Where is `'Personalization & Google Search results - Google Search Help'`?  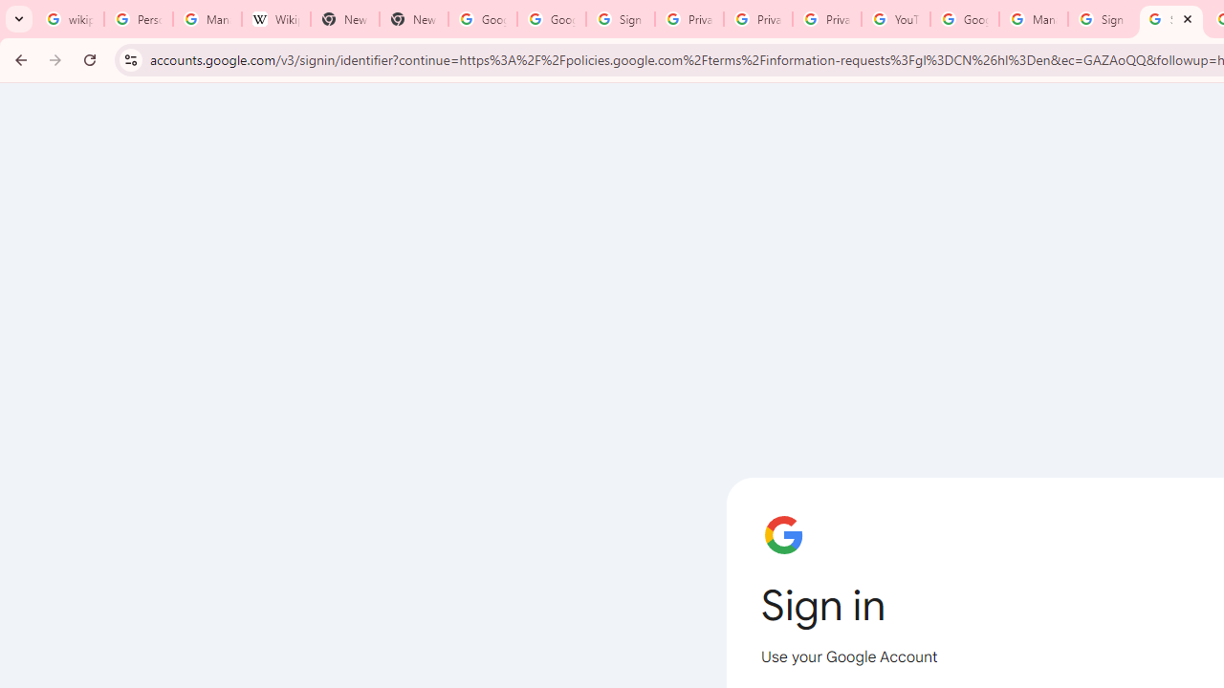 'Personalization & Google Search results - Google Search Help' is located at coordinates (137, 19).